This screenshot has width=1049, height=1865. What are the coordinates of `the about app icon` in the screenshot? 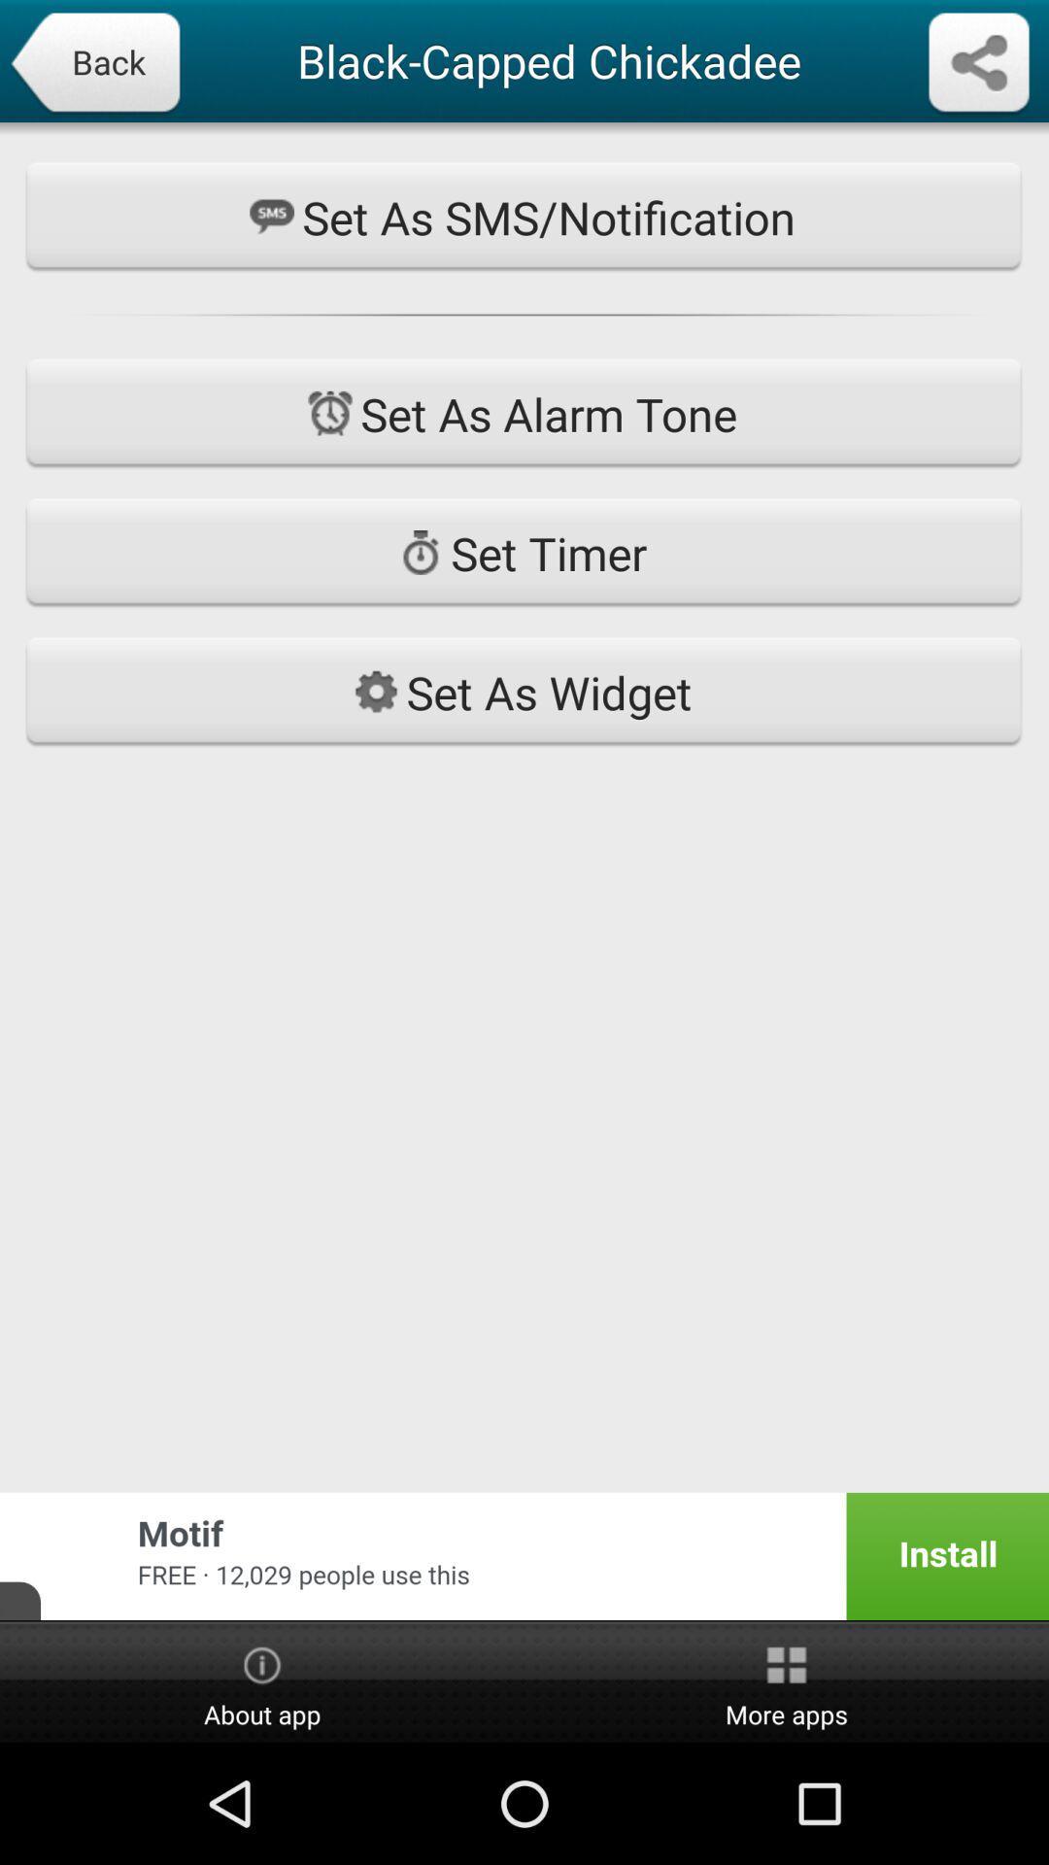 It's located at (262, 1682).